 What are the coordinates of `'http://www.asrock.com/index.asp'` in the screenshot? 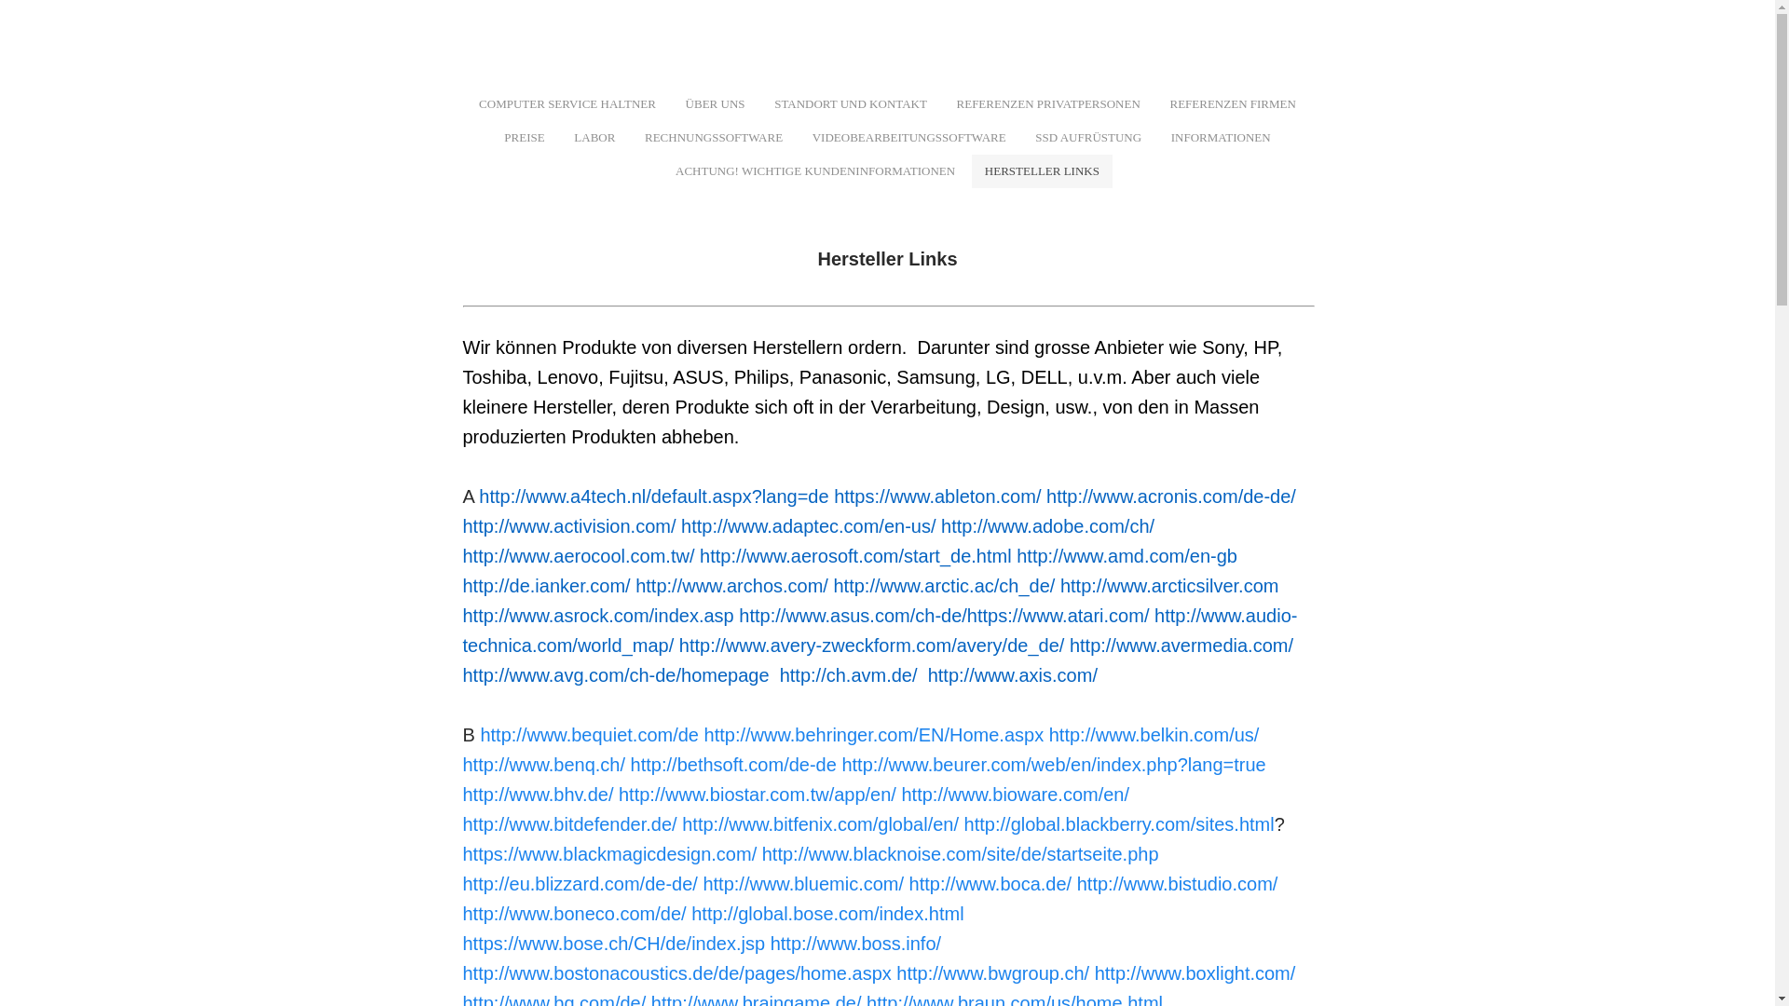 It's located at (597, 615).